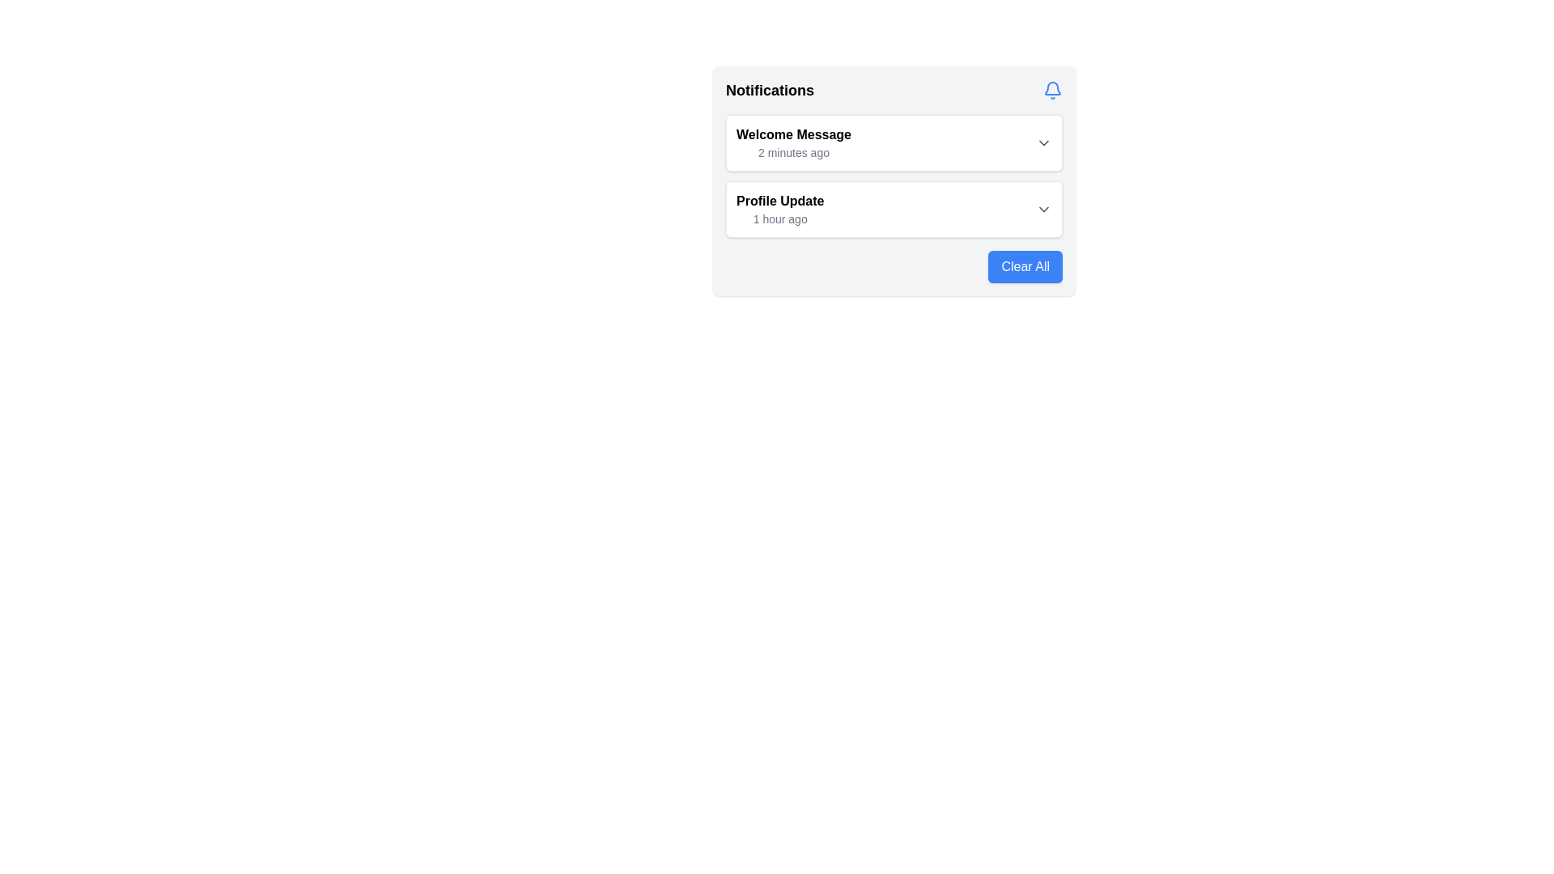  I want to click on the clear notifications button located at the bottom-right corner of the notification card, so click(1025, 266).